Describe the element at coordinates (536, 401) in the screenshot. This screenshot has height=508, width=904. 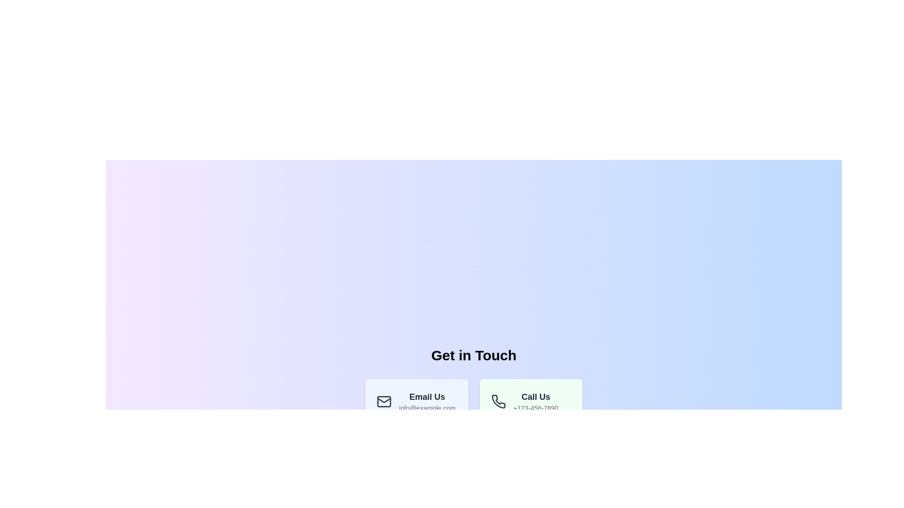
I see `the Contact Information Display element which shows the business's contact phone number and encourages users to initiate a call` at that location.